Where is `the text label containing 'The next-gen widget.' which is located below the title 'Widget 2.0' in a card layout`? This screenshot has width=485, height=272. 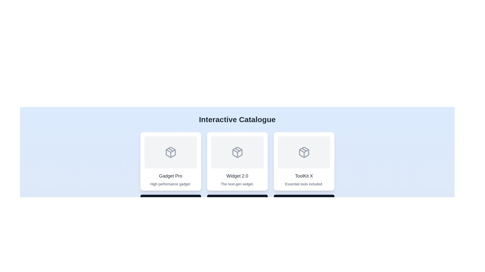 the text label containing 'The next-gen widget.' which is located below the title 'Widget 2.0' in a card layout is located at coordinates (237, 184).